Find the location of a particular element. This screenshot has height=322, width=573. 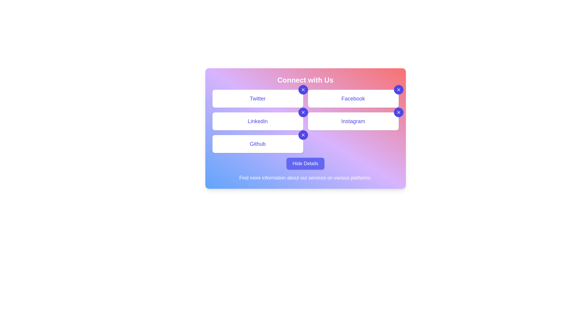

the small circular button with a purple background and a white 'X' icon located at the top-right corner of the 'Facebook' card to possibly reveal a tooltip or highlight effect is located at coordinates (398, 89).